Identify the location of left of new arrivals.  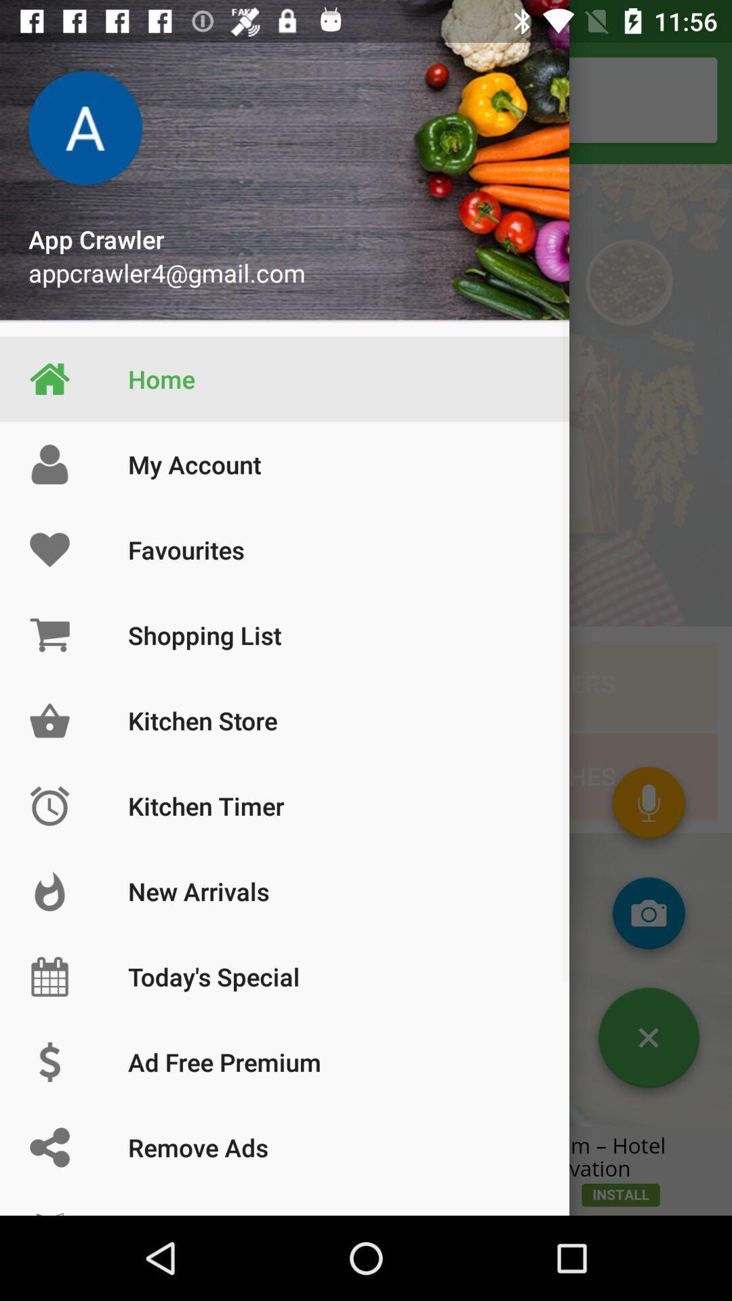
(49, 891).